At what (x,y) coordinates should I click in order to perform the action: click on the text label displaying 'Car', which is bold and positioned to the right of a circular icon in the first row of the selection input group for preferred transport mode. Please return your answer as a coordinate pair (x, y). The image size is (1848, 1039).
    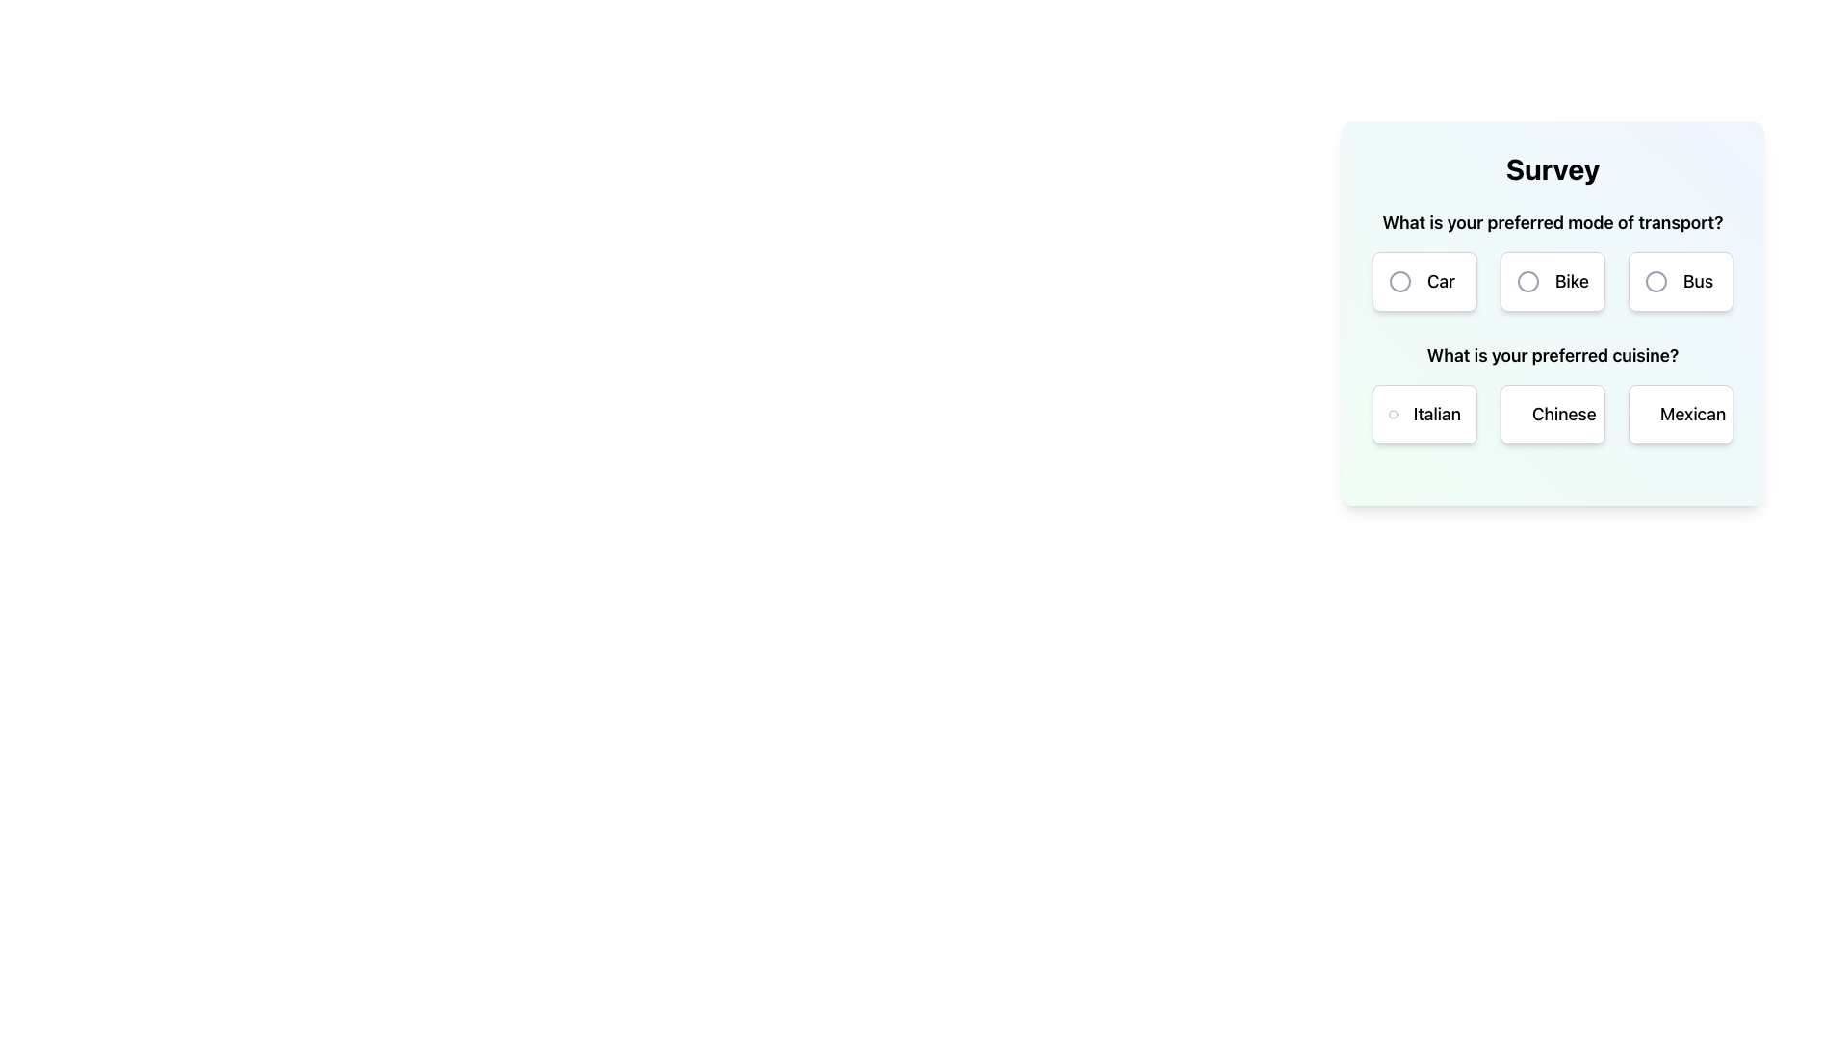
    Looking at the image, I should click on (1441, 282).